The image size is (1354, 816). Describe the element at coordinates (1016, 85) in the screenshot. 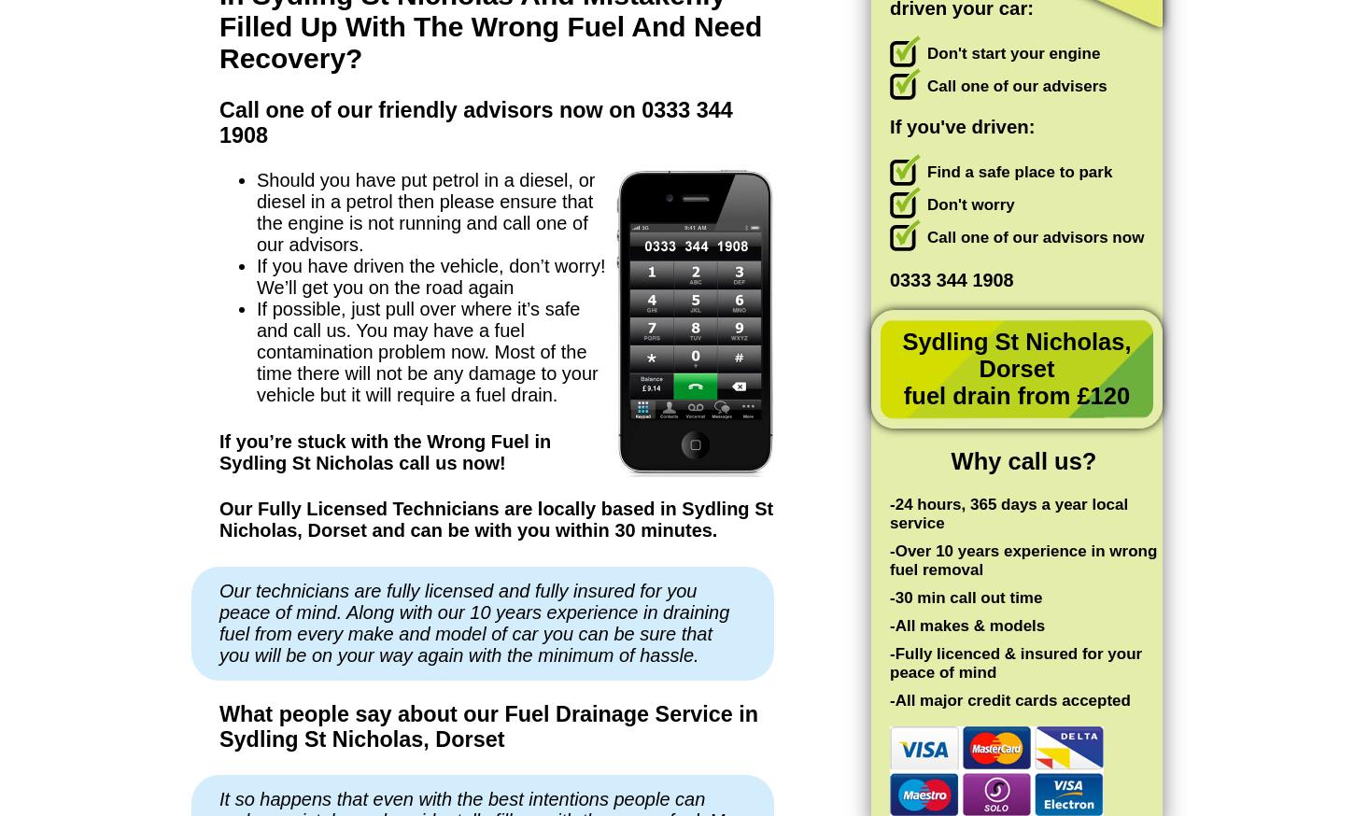

I see `'Call one of our advisers'` at that location.